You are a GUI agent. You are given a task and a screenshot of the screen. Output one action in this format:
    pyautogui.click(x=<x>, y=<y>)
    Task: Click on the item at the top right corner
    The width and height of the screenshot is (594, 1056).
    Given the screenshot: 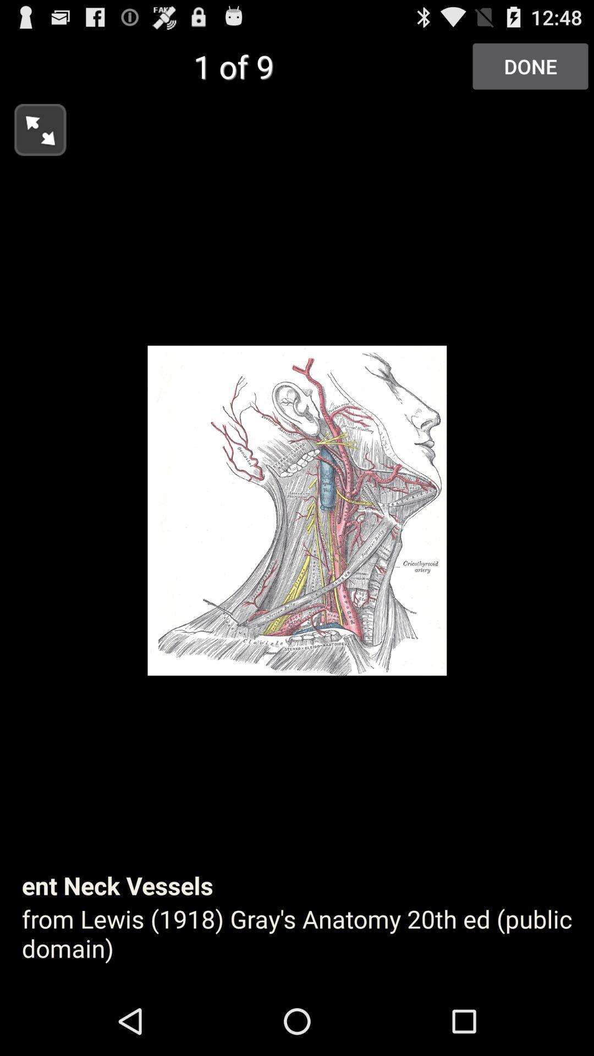 What is the action you would take?
    pyautogui.click(x=530, y=65)
    